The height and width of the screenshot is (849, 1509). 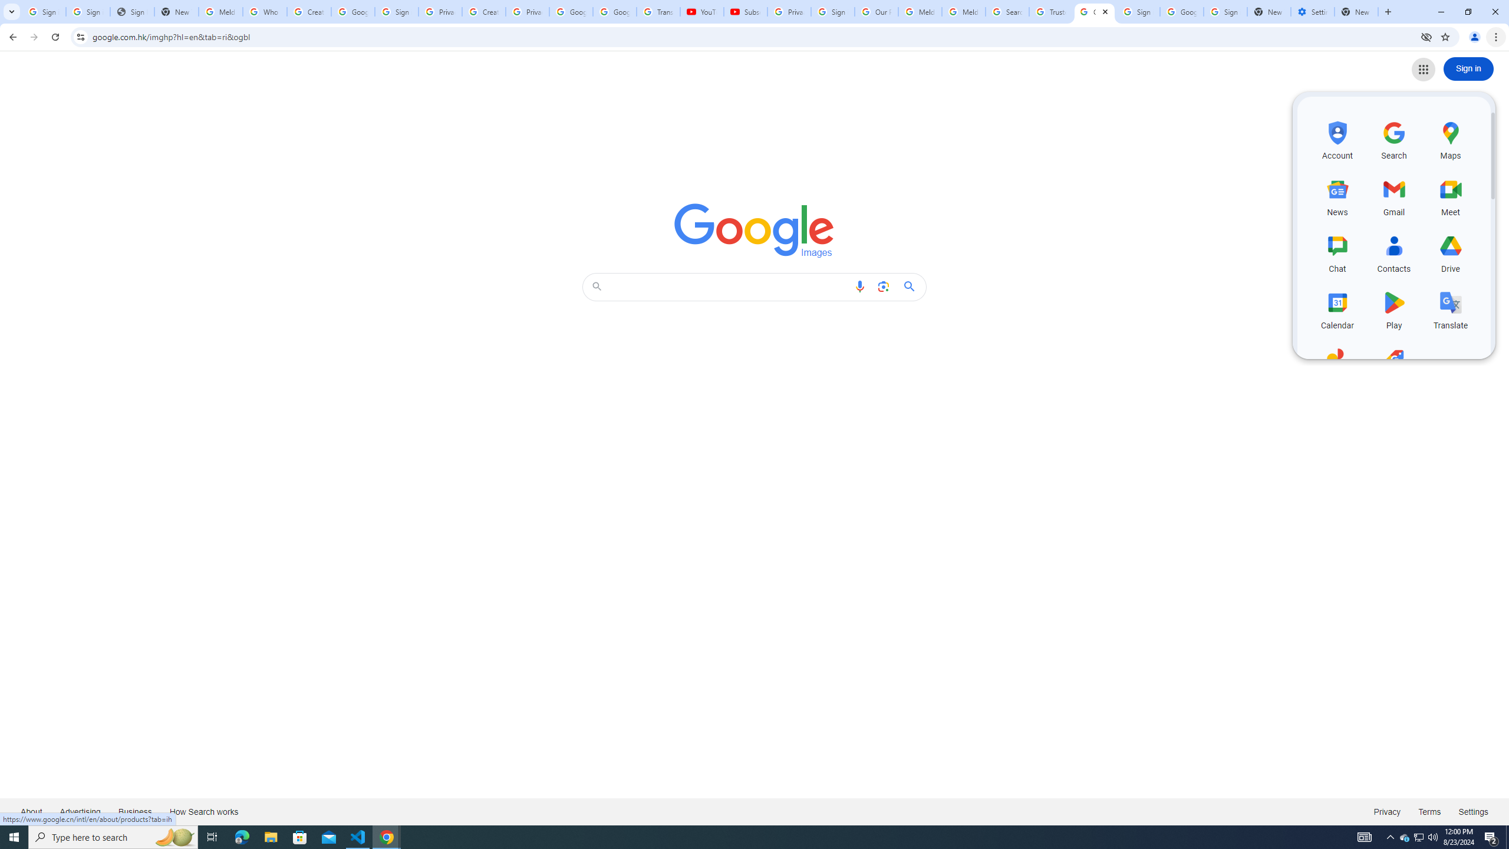 I want to click on 'Maps, row 1 of 5 and column 3 of 3 in the first section', so click(x=1451, y=139).